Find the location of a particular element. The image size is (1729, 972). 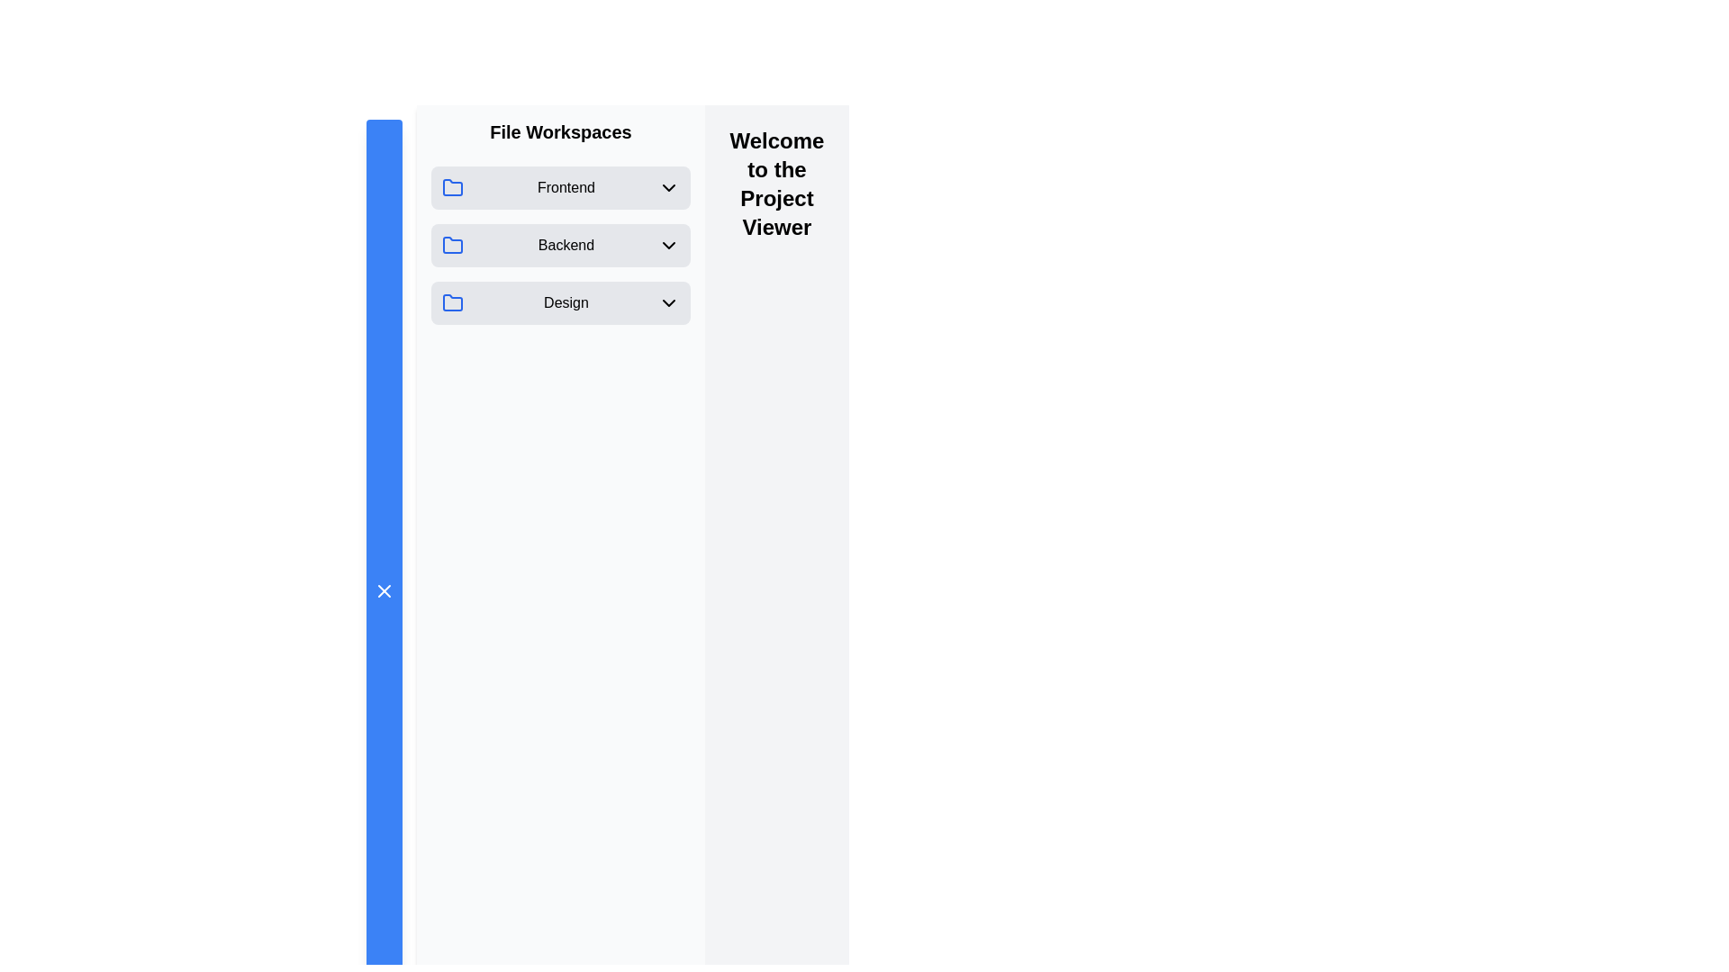

the blue folder icon located beside the 'Design' label in the 'File Workspaces' section is located at coordinates (453, 301).